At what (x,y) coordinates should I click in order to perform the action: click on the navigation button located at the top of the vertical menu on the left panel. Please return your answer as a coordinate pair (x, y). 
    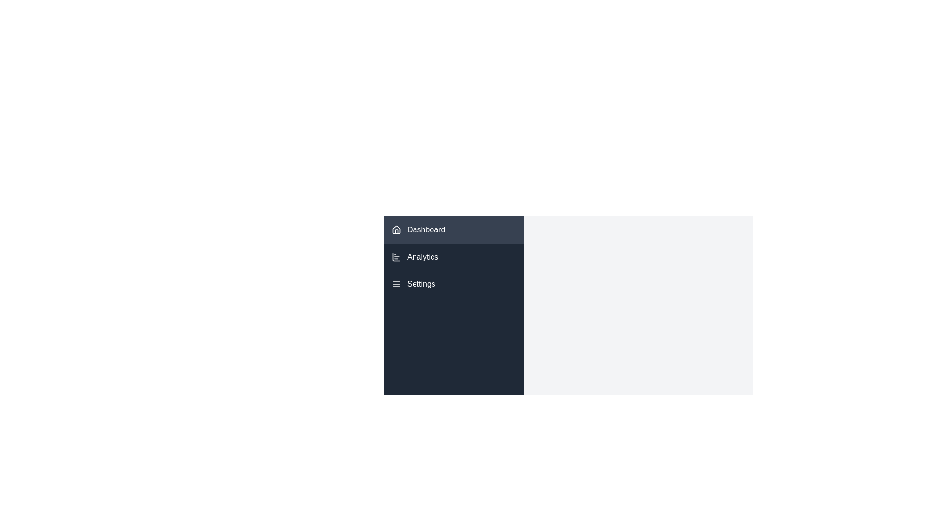
    Looking at the image, I should click on (453, 230).